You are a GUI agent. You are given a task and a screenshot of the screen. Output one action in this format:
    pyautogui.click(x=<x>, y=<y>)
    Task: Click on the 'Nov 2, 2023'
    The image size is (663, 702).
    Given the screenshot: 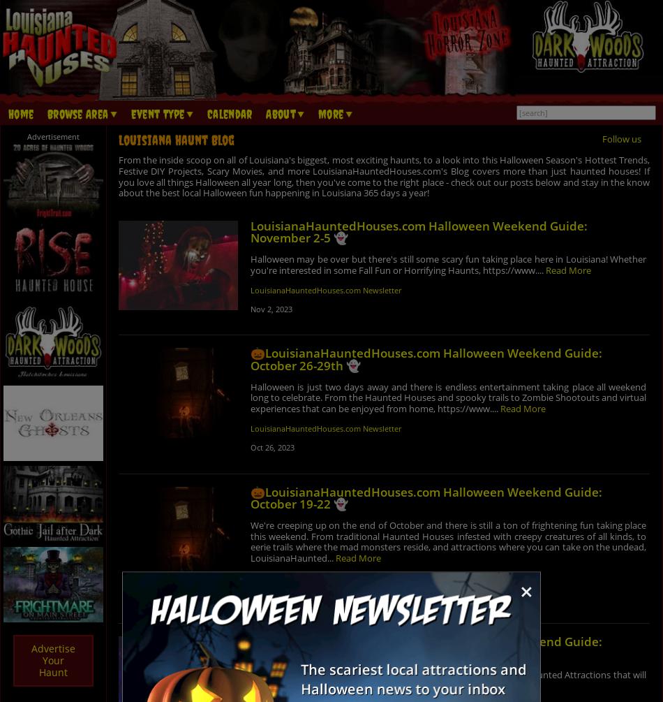 What is the action you would take?
    pyautogui.click(x=269, y=308)
    